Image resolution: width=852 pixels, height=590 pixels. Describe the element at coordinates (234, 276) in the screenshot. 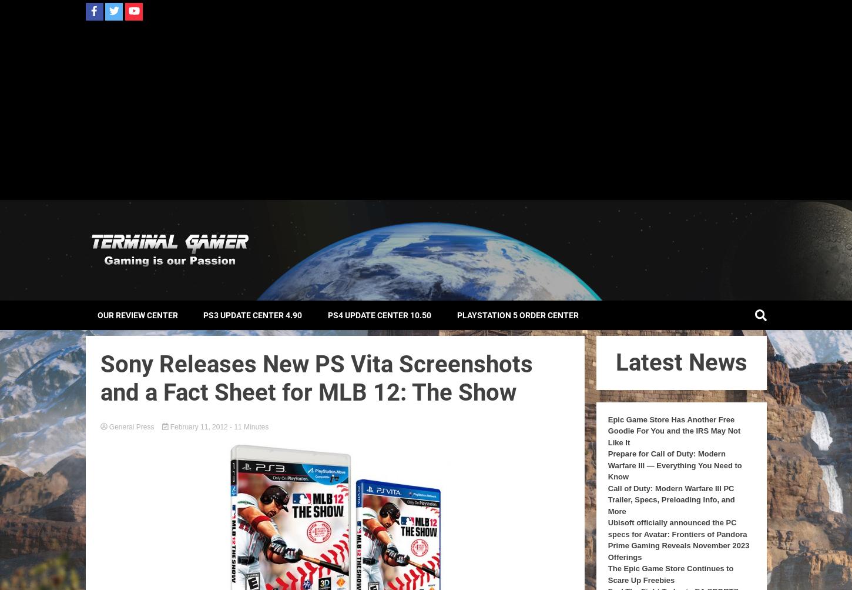

I see `'Gaming is our Passion | PS4, PS5, Xbox One X/S, Nintendo Switch, Oculus Quest'` at that location.